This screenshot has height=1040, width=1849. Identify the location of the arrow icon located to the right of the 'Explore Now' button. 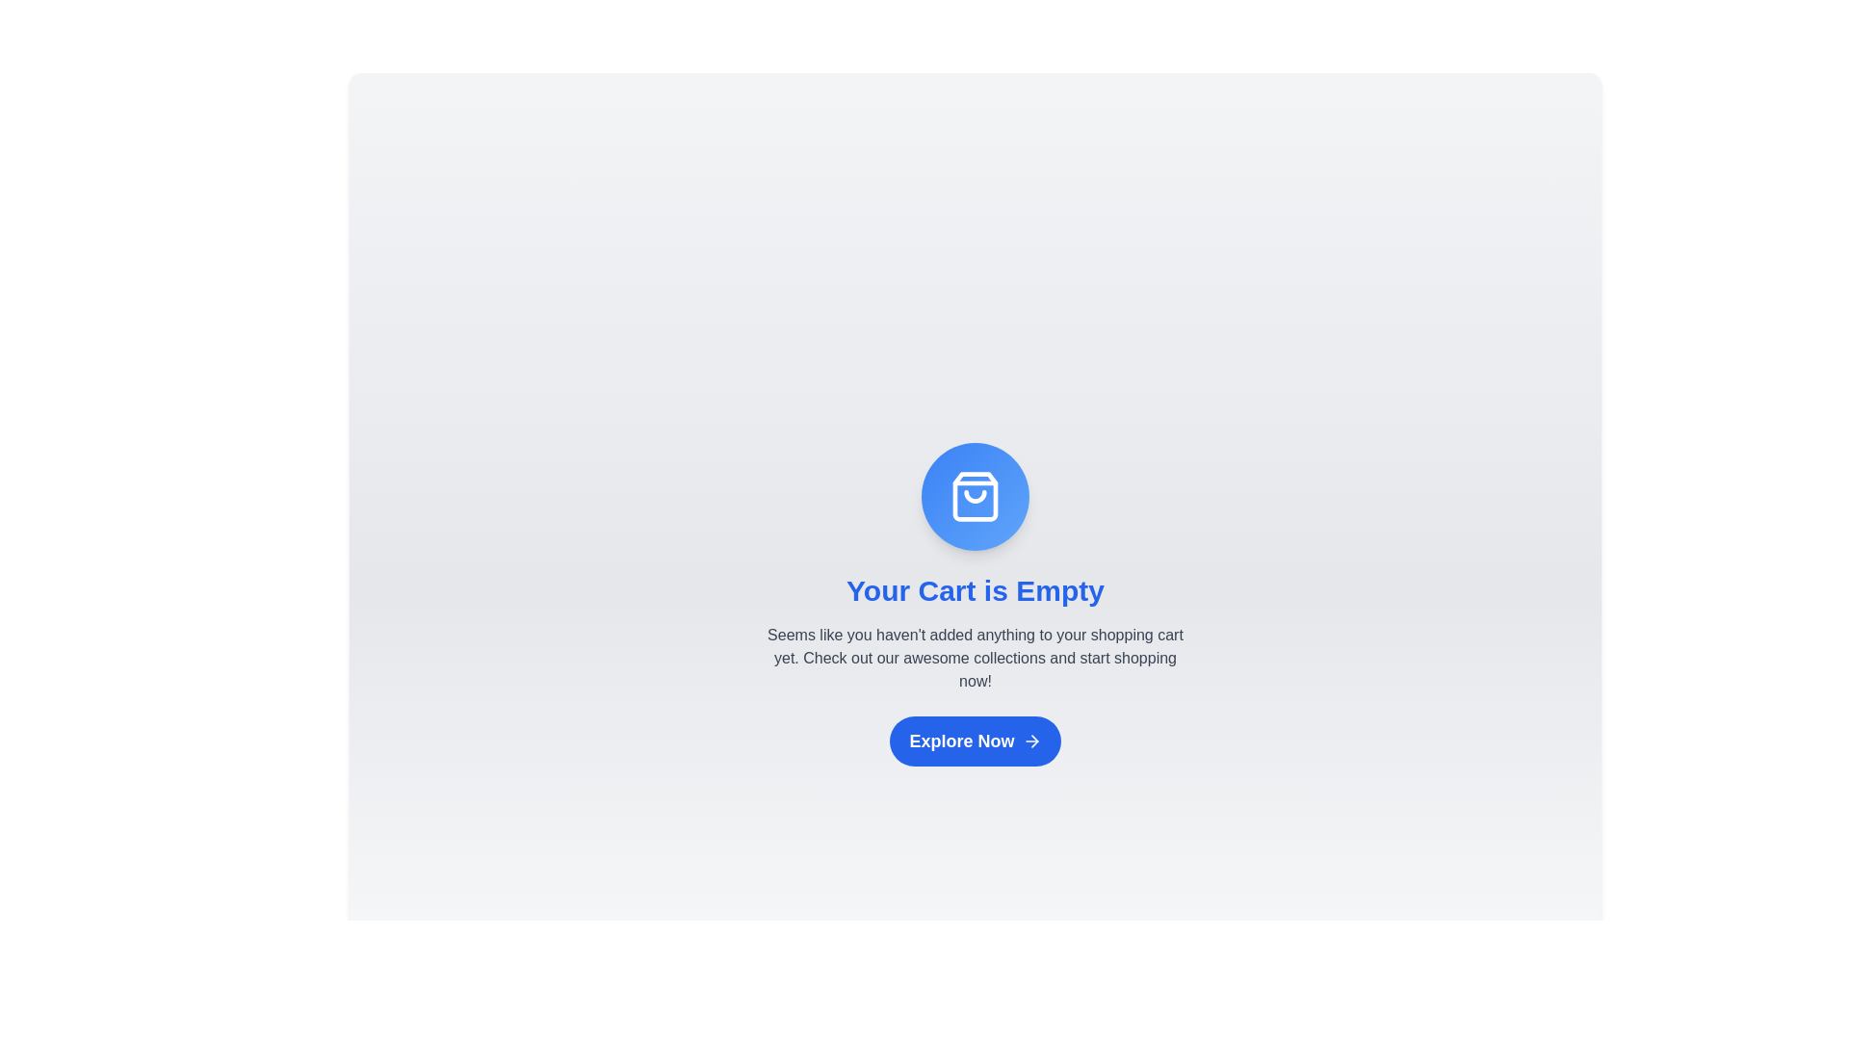
(1033, 741).